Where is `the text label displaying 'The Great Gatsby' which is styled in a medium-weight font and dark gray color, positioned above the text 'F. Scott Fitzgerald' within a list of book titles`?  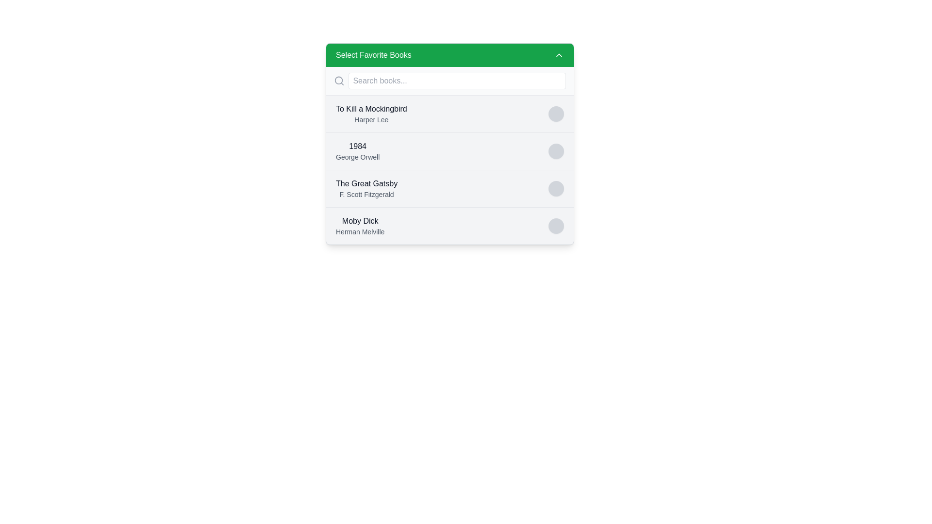
the text label displaying 'The Great Gatsby' which is styled in a medium-weight font and dark gray color, positioned above the text 'F. Scott Fitzgerald' within a list of book titles is located at coordinates (366, 183).